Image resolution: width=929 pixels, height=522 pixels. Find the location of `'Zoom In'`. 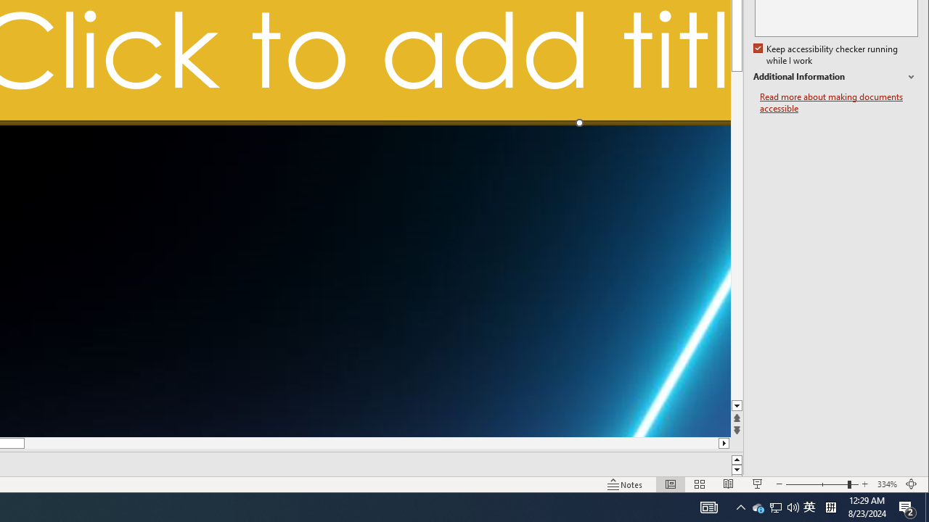

'Zoom In' is located at coordinates (817, 484).